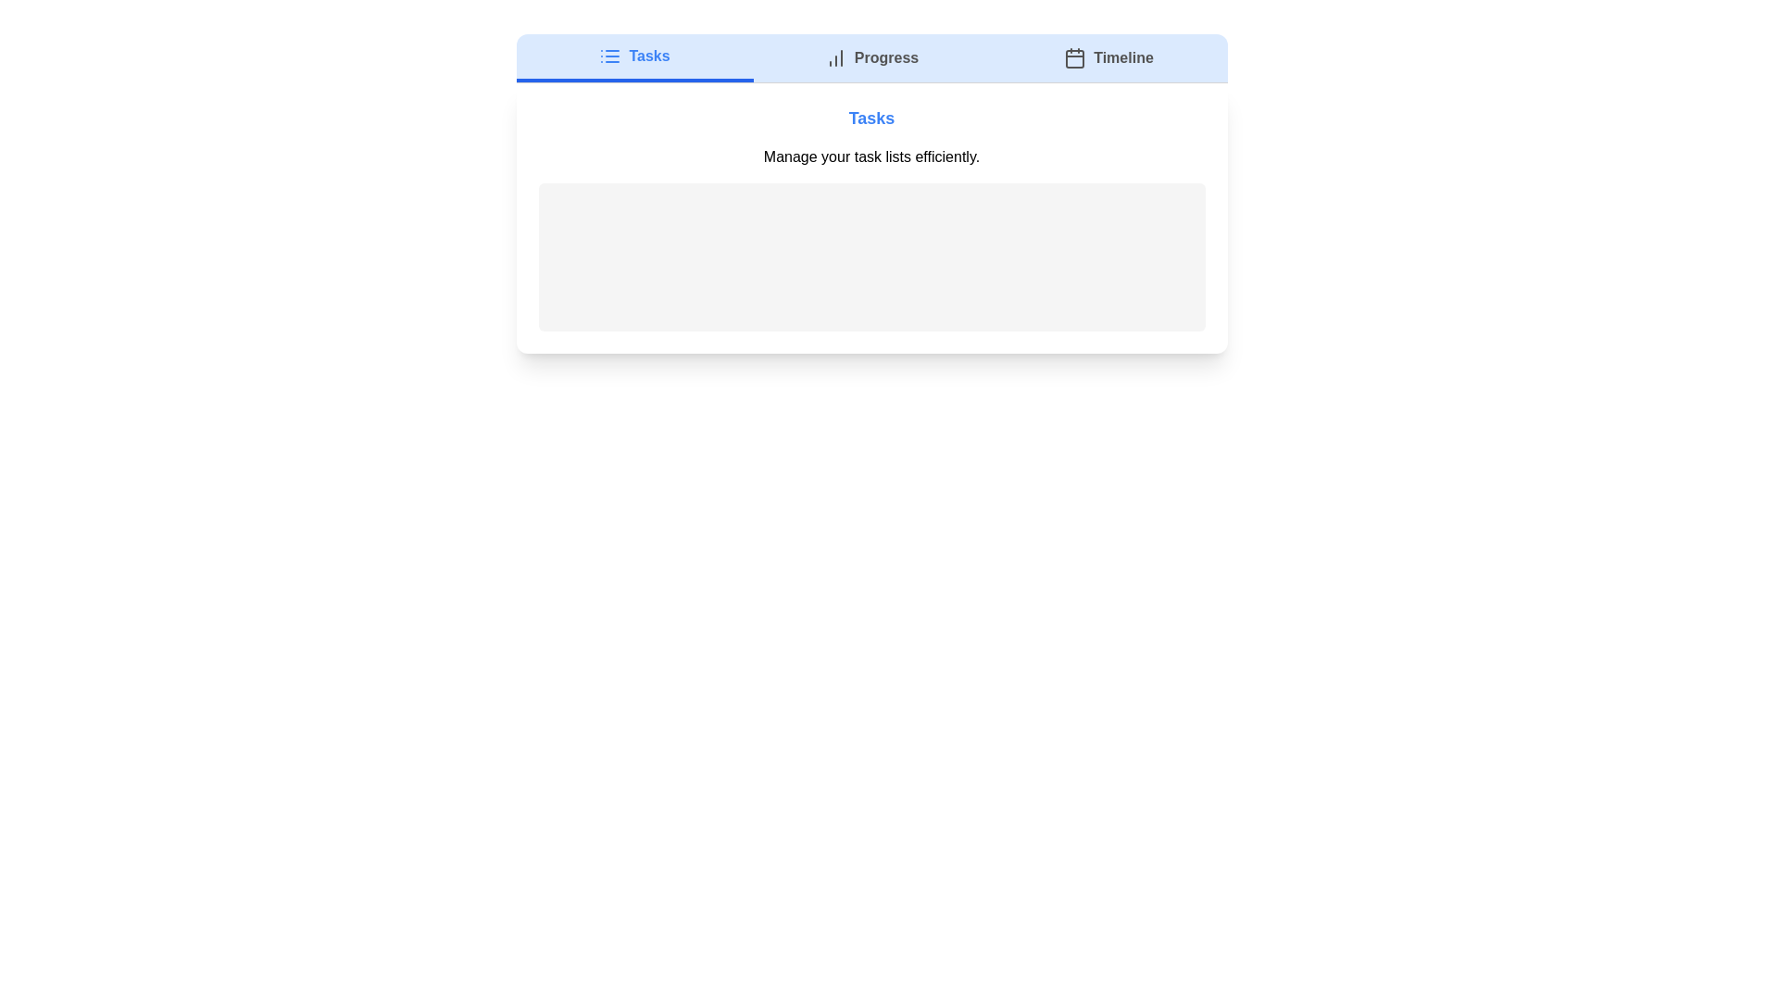 This screenshot has width=1778, height=1000. Describe the element at coordinates (1075, 58) in the screenshot. I see `the calendar icon by clicking on the inner rectangle component located in the top navigation bar next to the 'Progress' label` at that location.